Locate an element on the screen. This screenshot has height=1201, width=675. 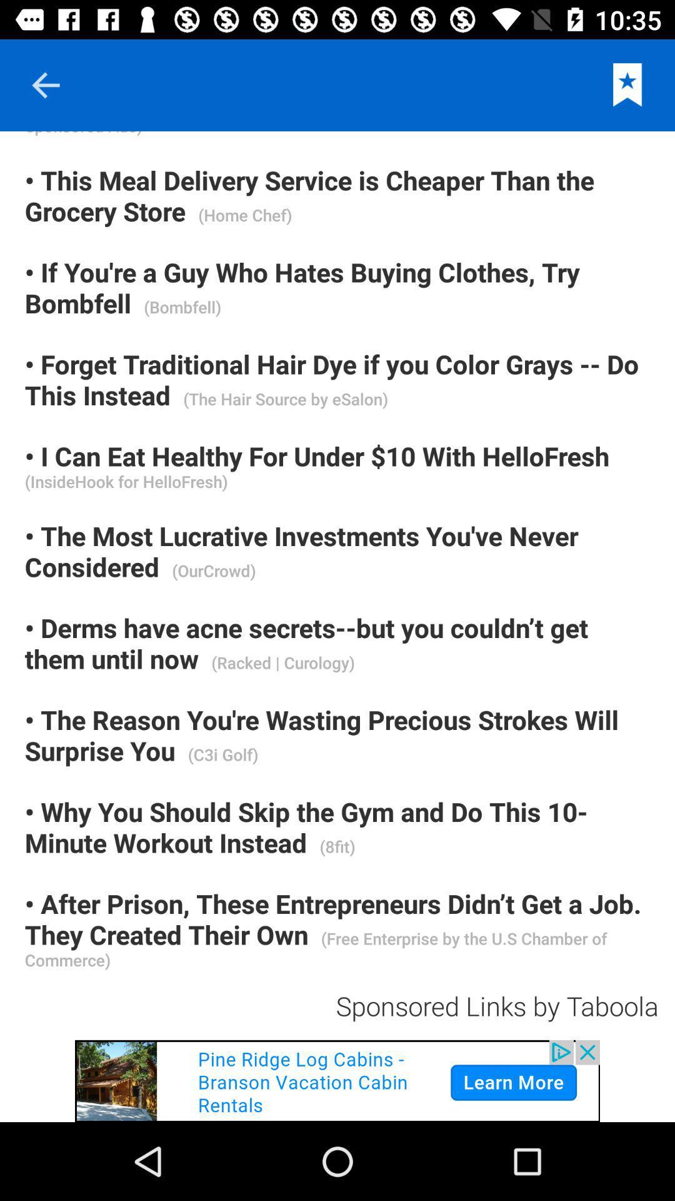
advertisement bar is located at coordinates (337, 1080).